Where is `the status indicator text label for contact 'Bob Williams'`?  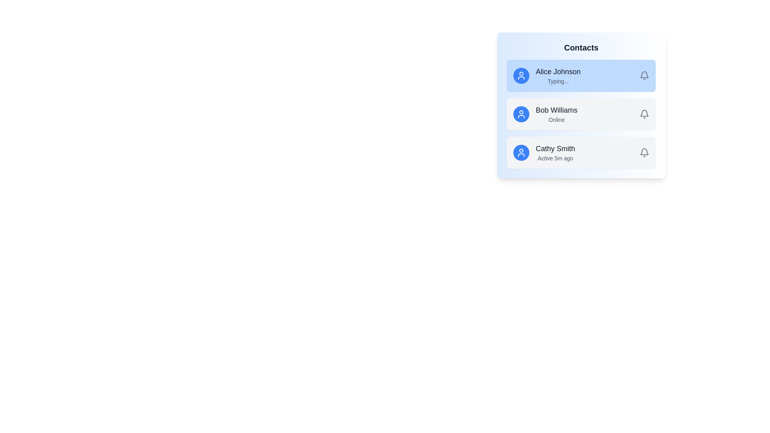 the status indicator text label for contact 'Bob Williams' is located at coordinates (556, 120).